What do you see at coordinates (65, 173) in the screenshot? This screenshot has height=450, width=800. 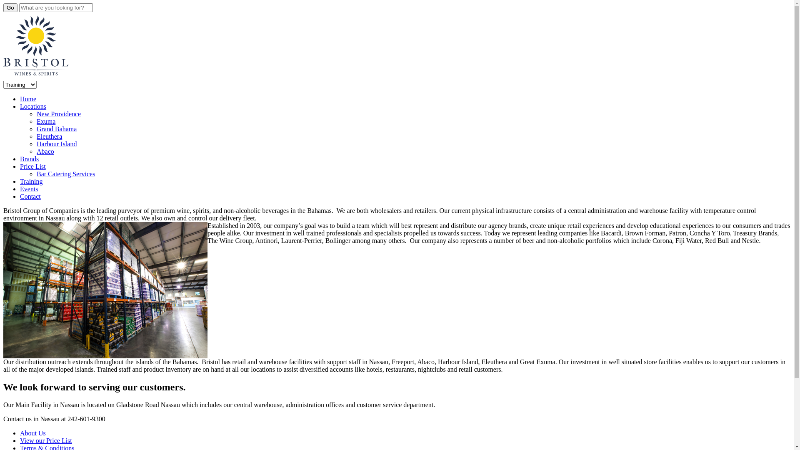 I see `'Bar Catering Services'` at bounding box center [65, 173].